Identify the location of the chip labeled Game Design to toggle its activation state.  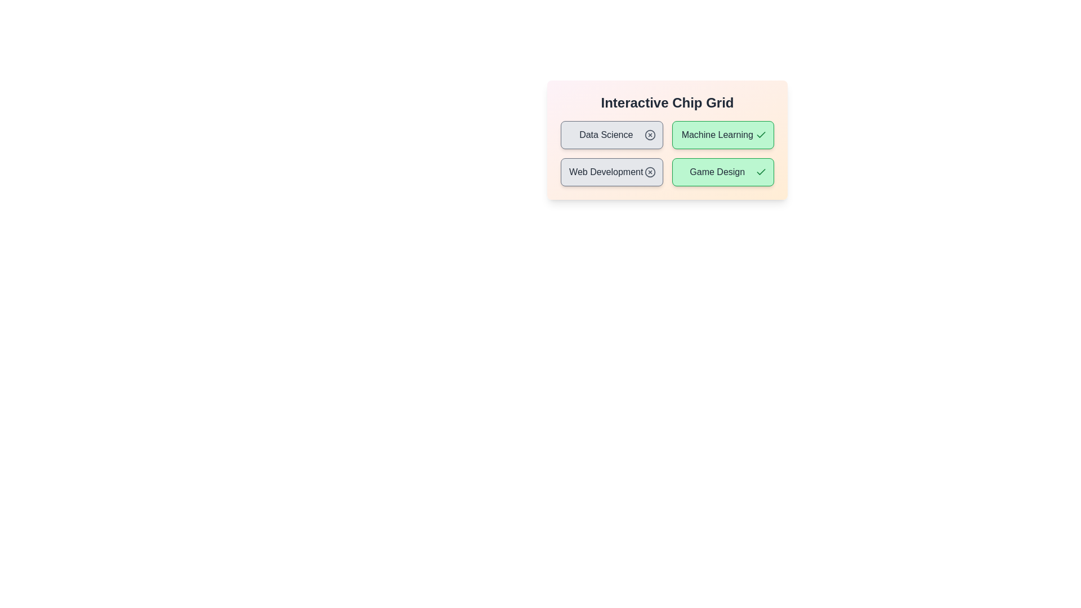
(723, 172).